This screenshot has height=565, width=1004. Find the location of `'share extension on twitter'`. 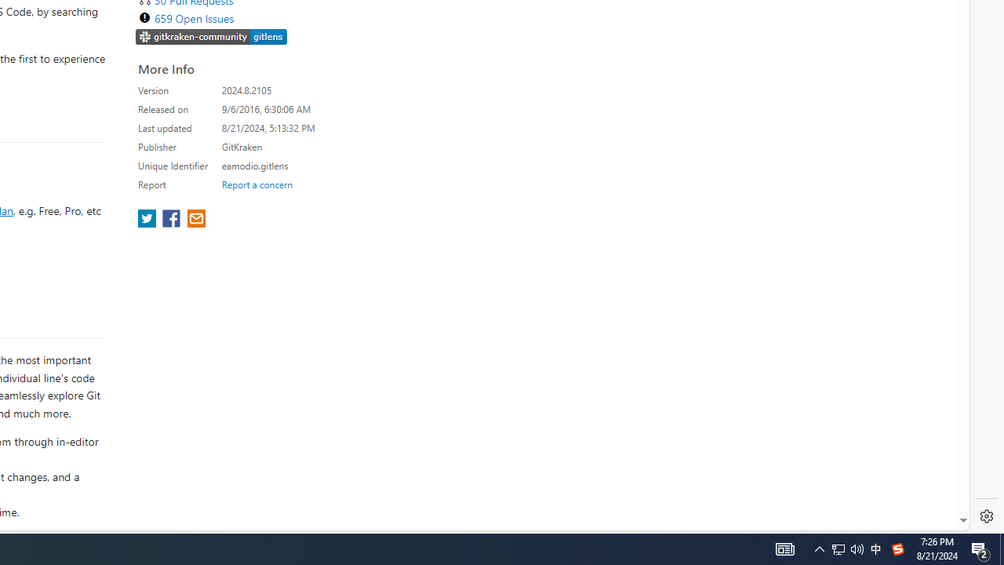

'share extension on twitter' is located at coordinates (149, 220).